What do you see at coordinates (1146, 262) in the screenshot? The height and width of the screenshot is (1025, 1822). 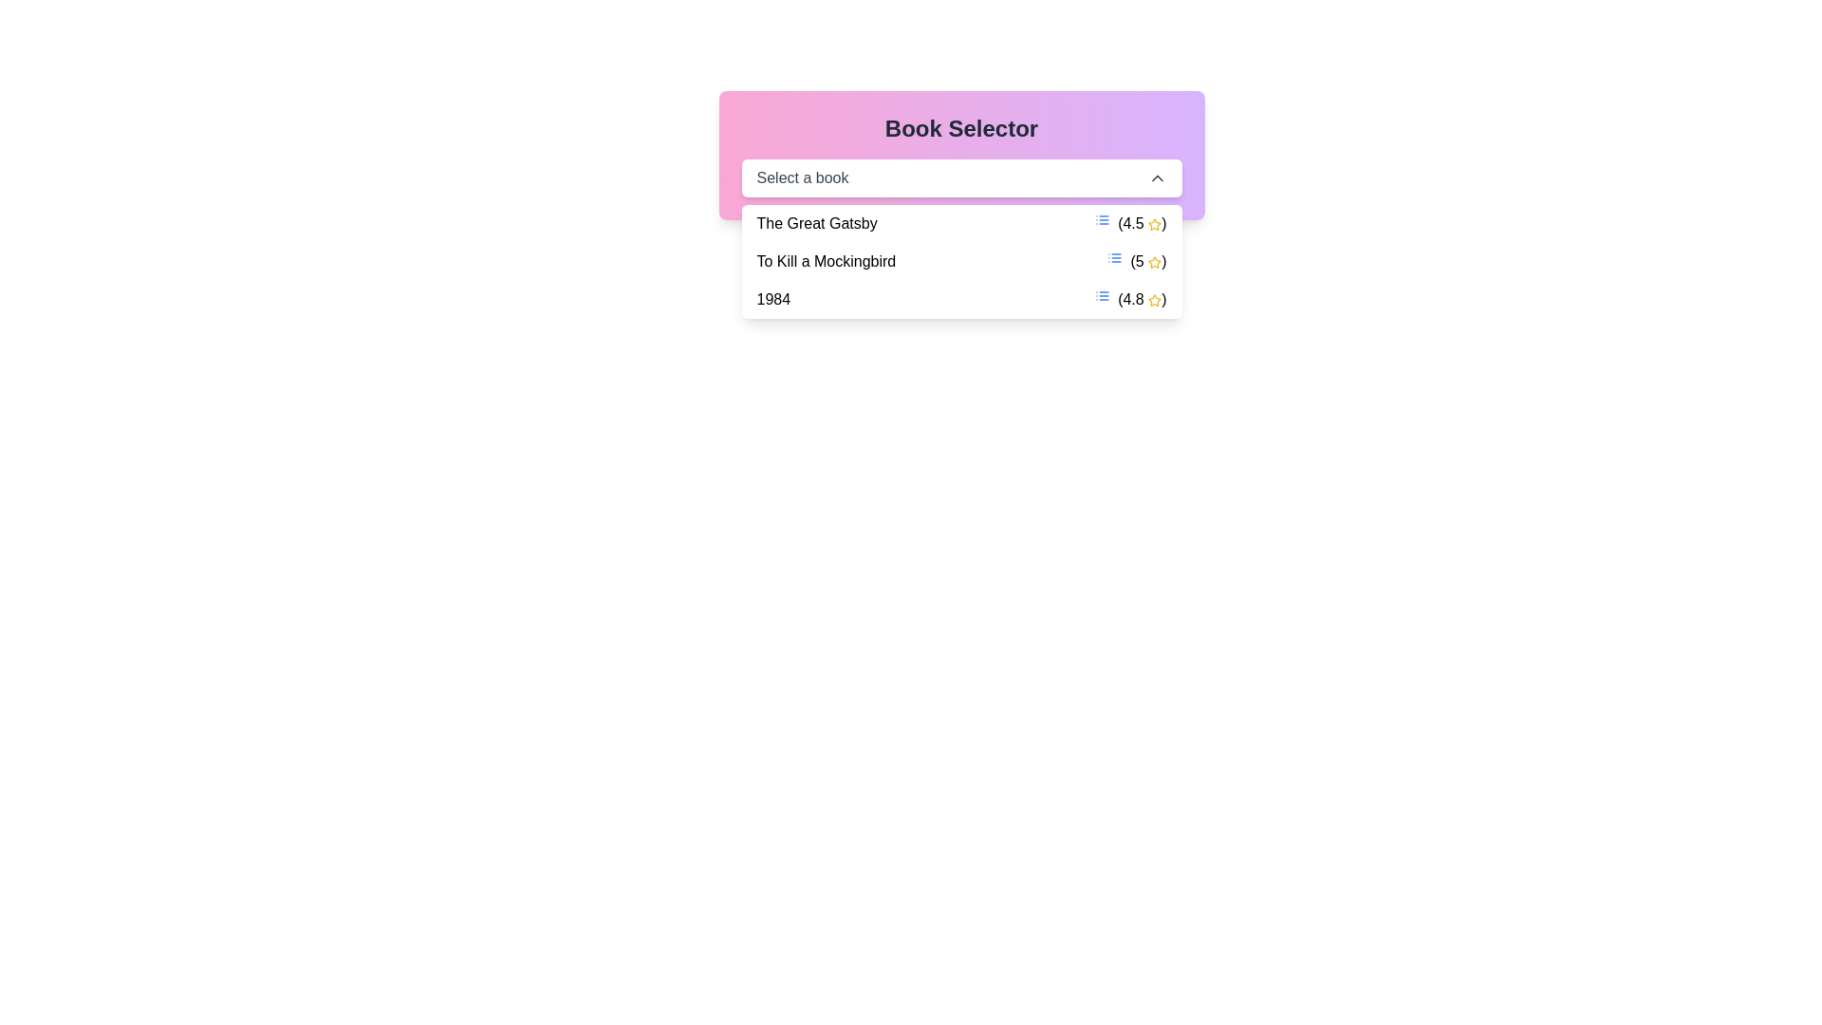 I see `the text element displaying '(5 )' next to the star icon, which represents a rating` at bounding box center [1146, 262].